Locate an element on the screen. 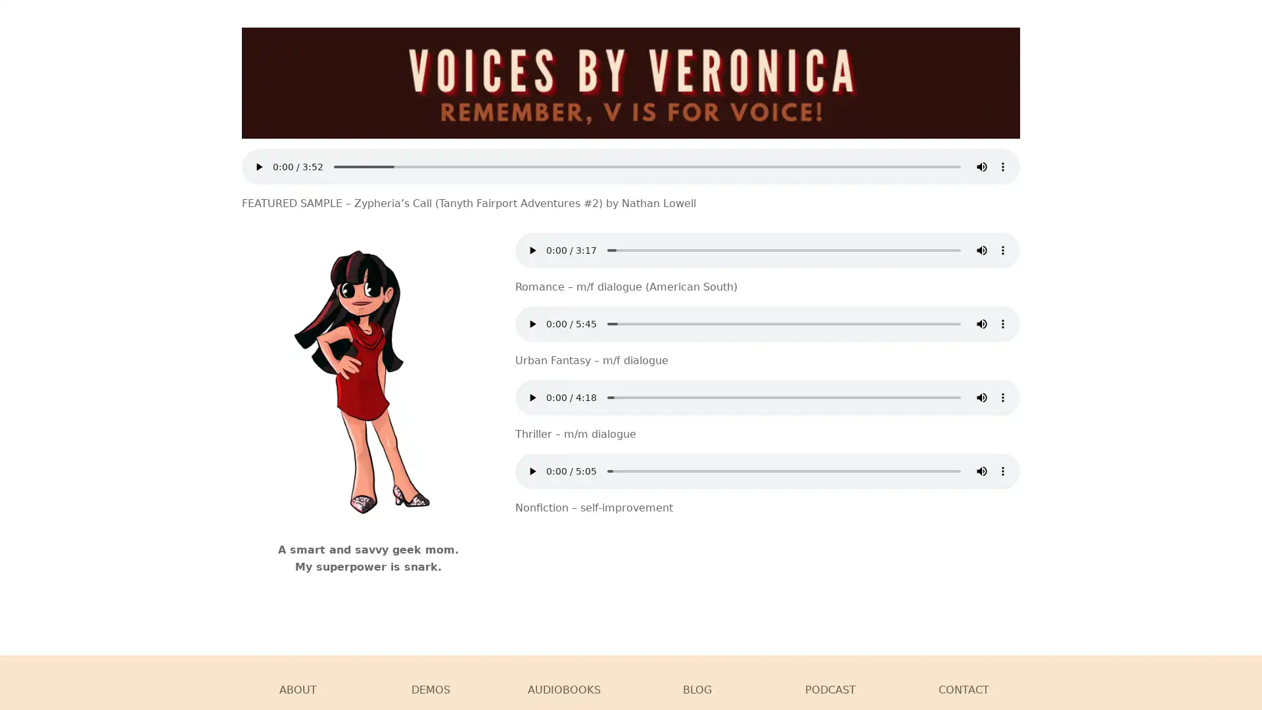 The height and width of the screenshot is (710, 1262). show more media controls is located at coordinates (1002, 471).